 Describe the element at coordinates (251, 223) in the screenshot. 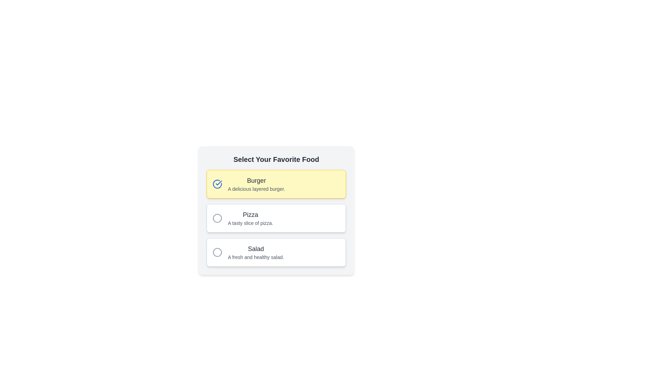

I see `the text label that reads 'A tasty slice of pizza', which is located directly below the 'Pizza' title and is part of the second option in the list of food items` at that location.